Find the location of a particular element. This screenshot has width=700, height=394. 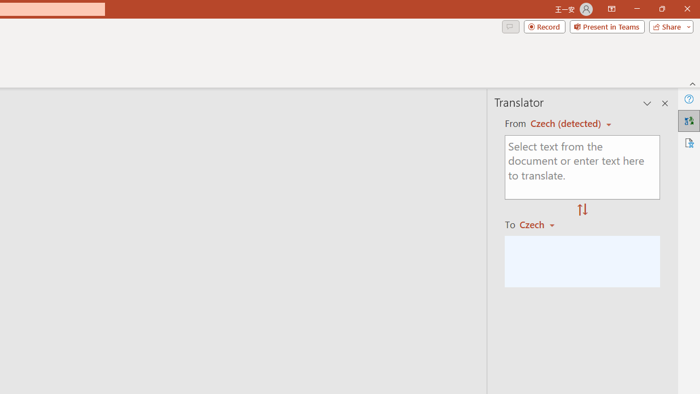

'Czech (detected)' is located at coordinates (567, 123).